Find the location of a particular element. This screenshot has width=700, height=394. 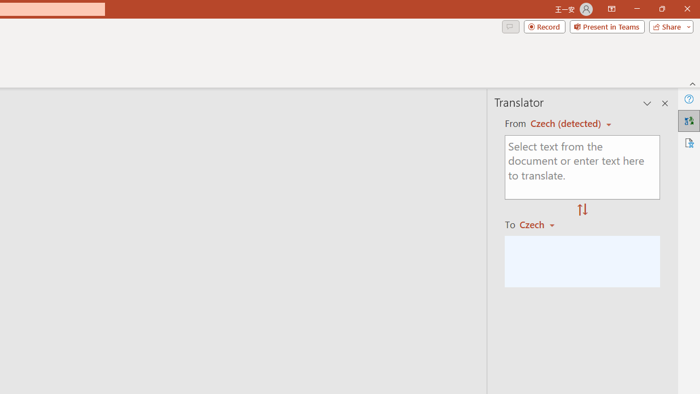

'Czech (detected)' is located at coordinates (567, 123).